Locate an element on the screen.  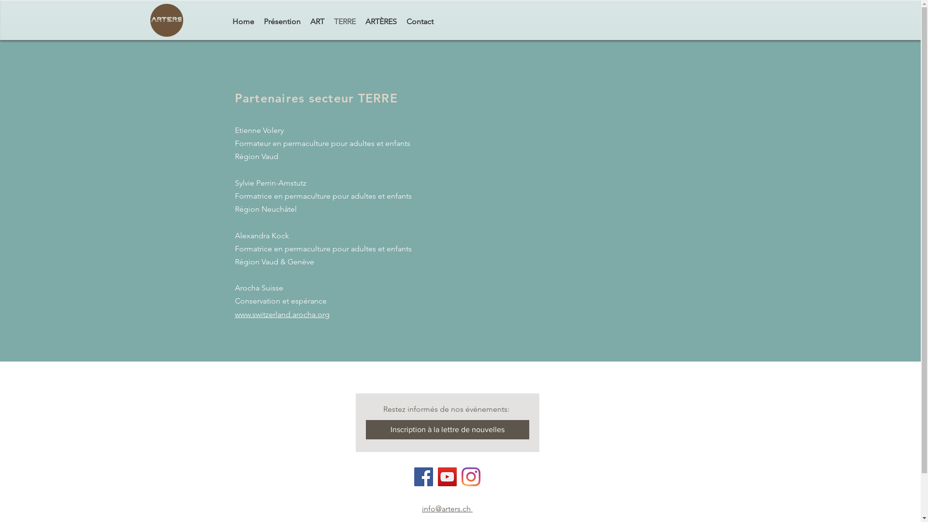
'www.switzerland.arocha.org' is located at coordinates (282, 314).